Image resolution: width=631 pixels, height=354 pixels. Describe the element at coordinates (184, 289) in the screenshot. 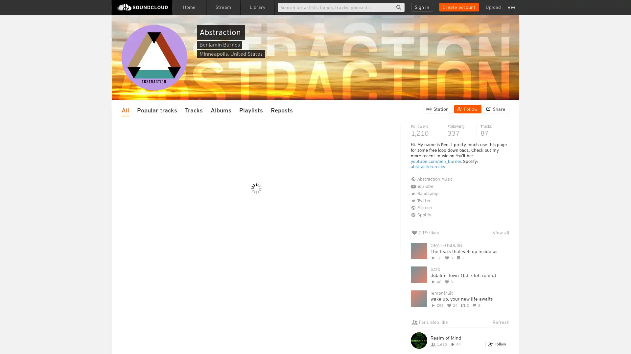

I see `Play` at that location.